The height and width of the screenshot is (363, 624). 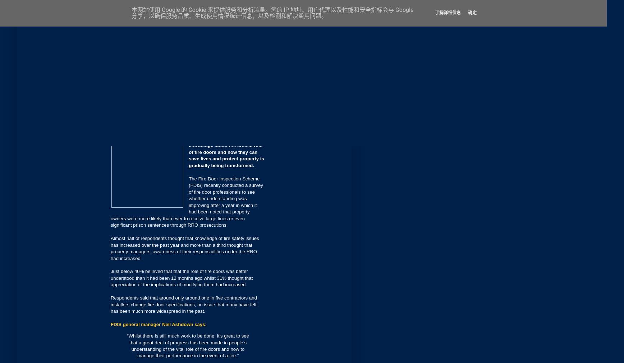 I want to click on 'Respondents said that around only around one in five contractors and installers change fire door specifications, an issue that many have felt has been much more widespread in the past.', so click(x=184, y=304).